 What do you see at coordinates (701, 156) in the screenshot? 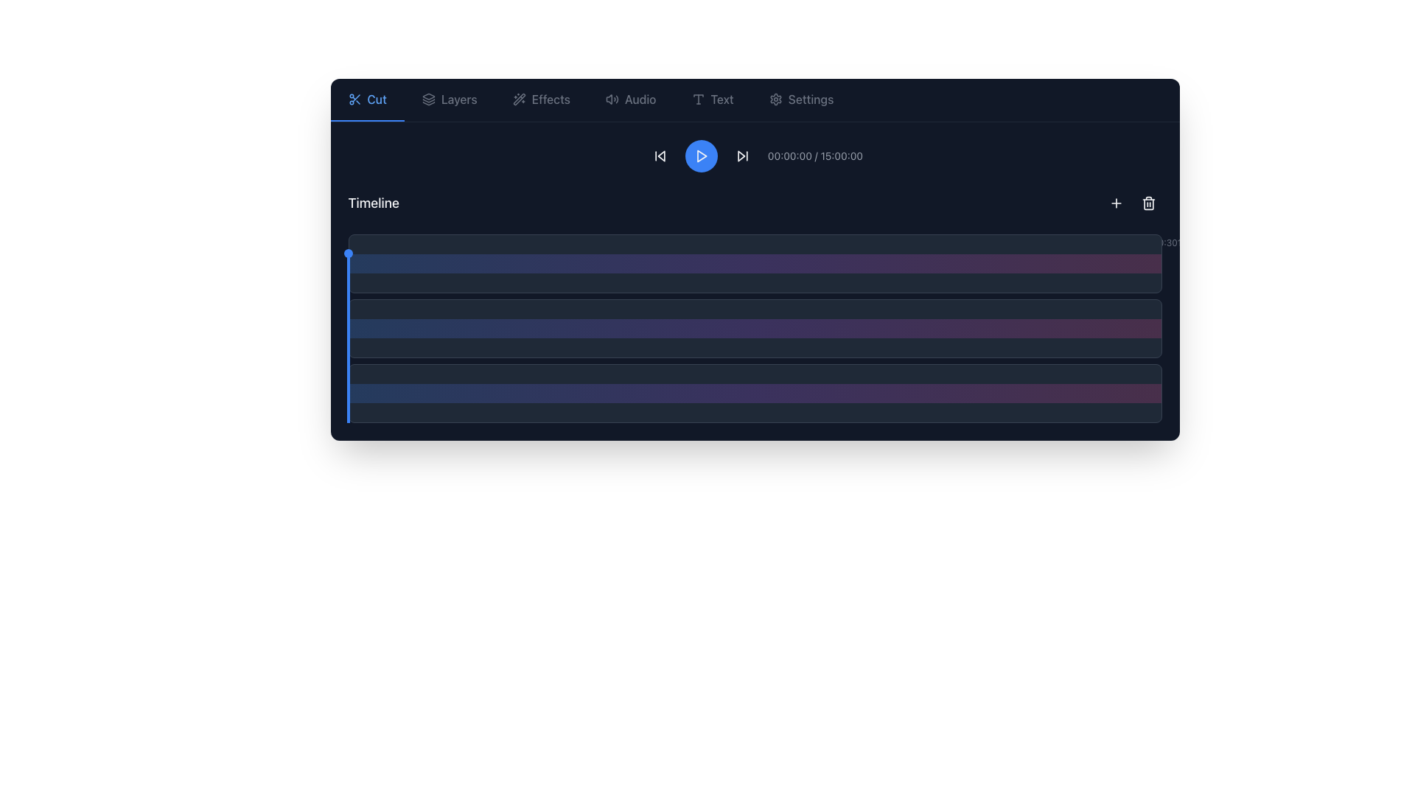
I see `the play button icon located in the central segment of the toolbar above the timeline` at bounding box center [701, 156].